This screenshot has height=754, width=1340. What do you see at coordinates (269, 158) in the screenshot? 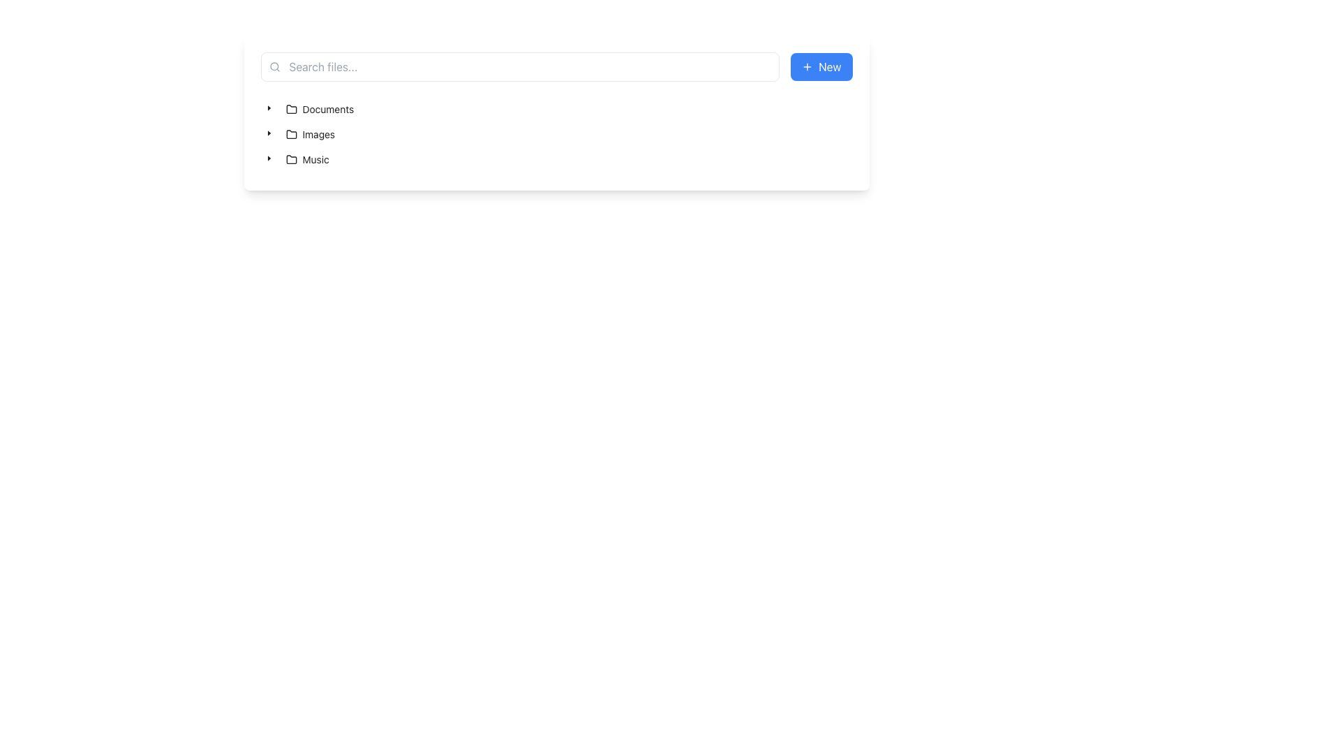
I see `the toggle icon` at bounding box center [269, 158].